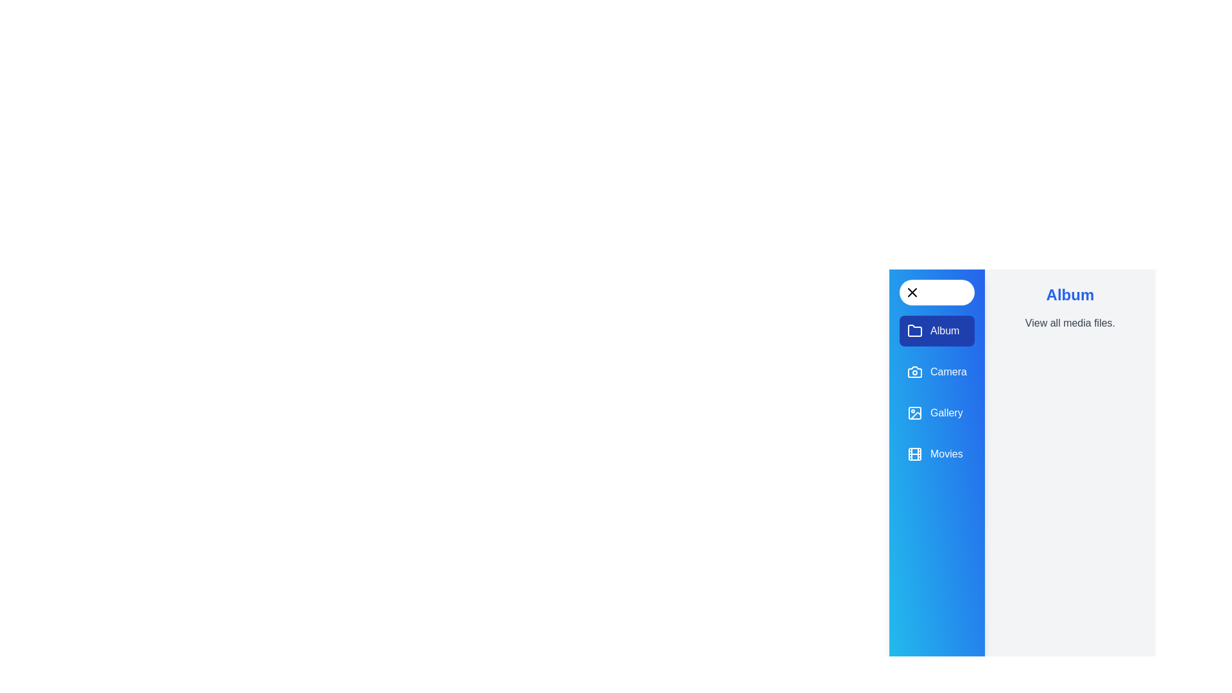 This screenshot has height=693, width=1232. I want to click on the 'Movies' panel to navigate to it, so click(936, 454).